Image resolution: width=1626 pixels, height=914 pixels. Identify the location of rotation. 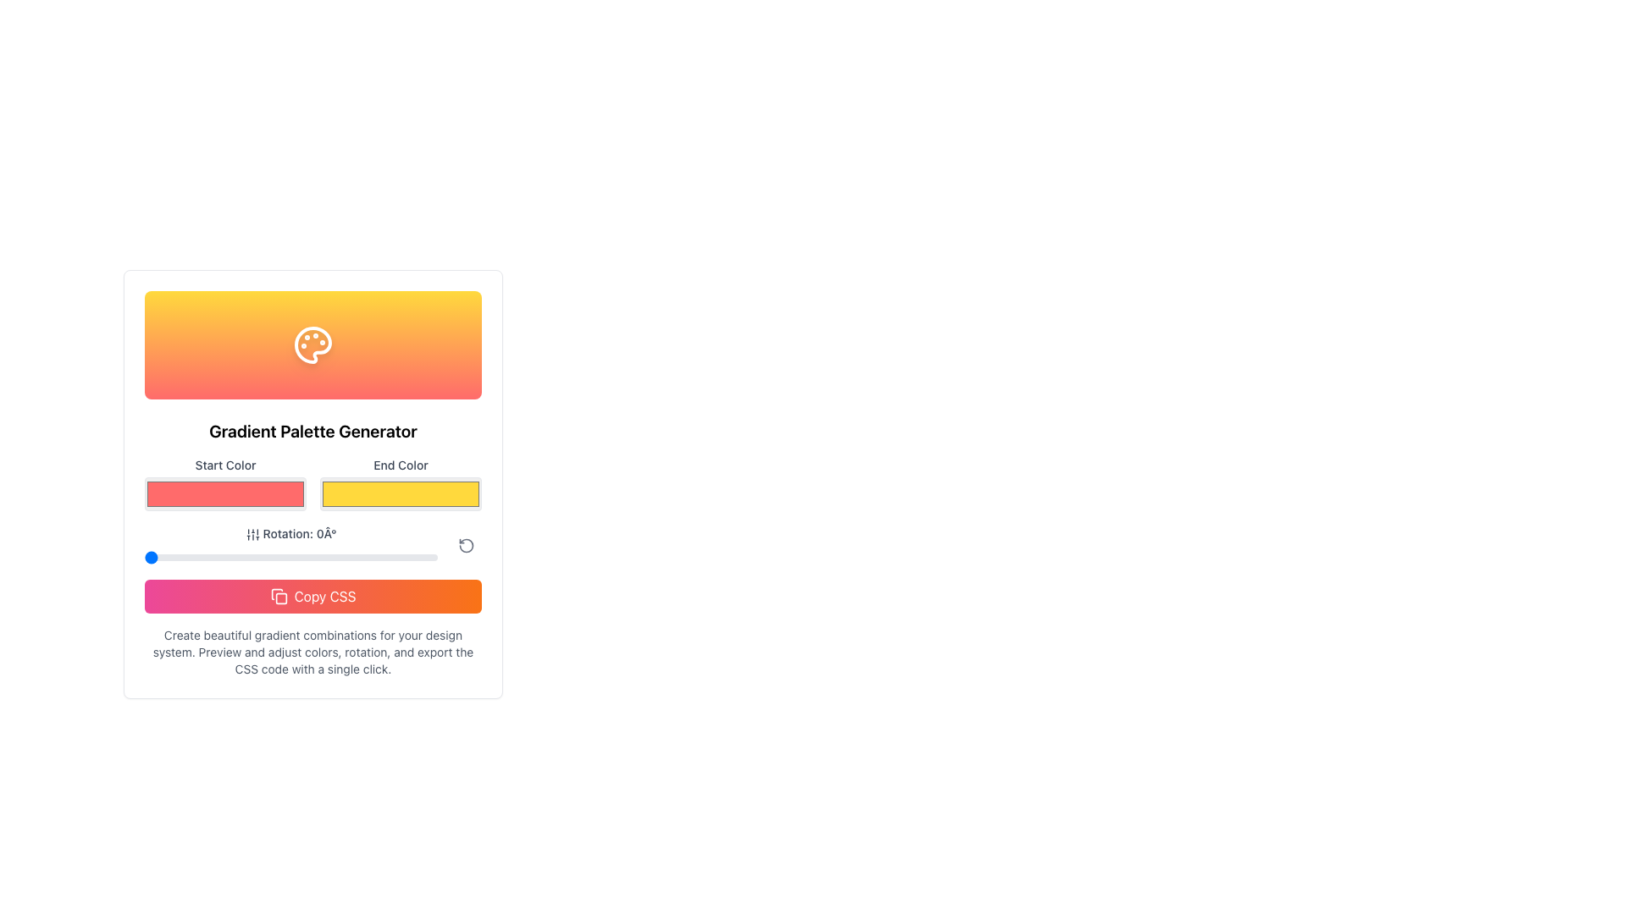
(157, 558).